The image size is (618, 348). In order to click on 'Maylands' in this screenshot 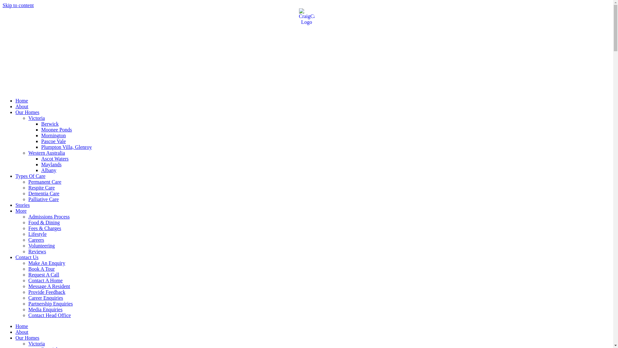, I will do `click(41, 164)`.